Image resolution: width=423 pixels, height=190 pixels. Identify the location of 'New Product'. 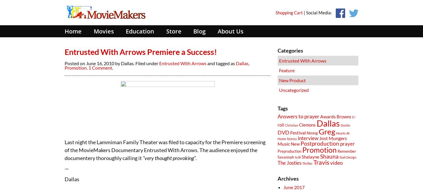
(292, 80).